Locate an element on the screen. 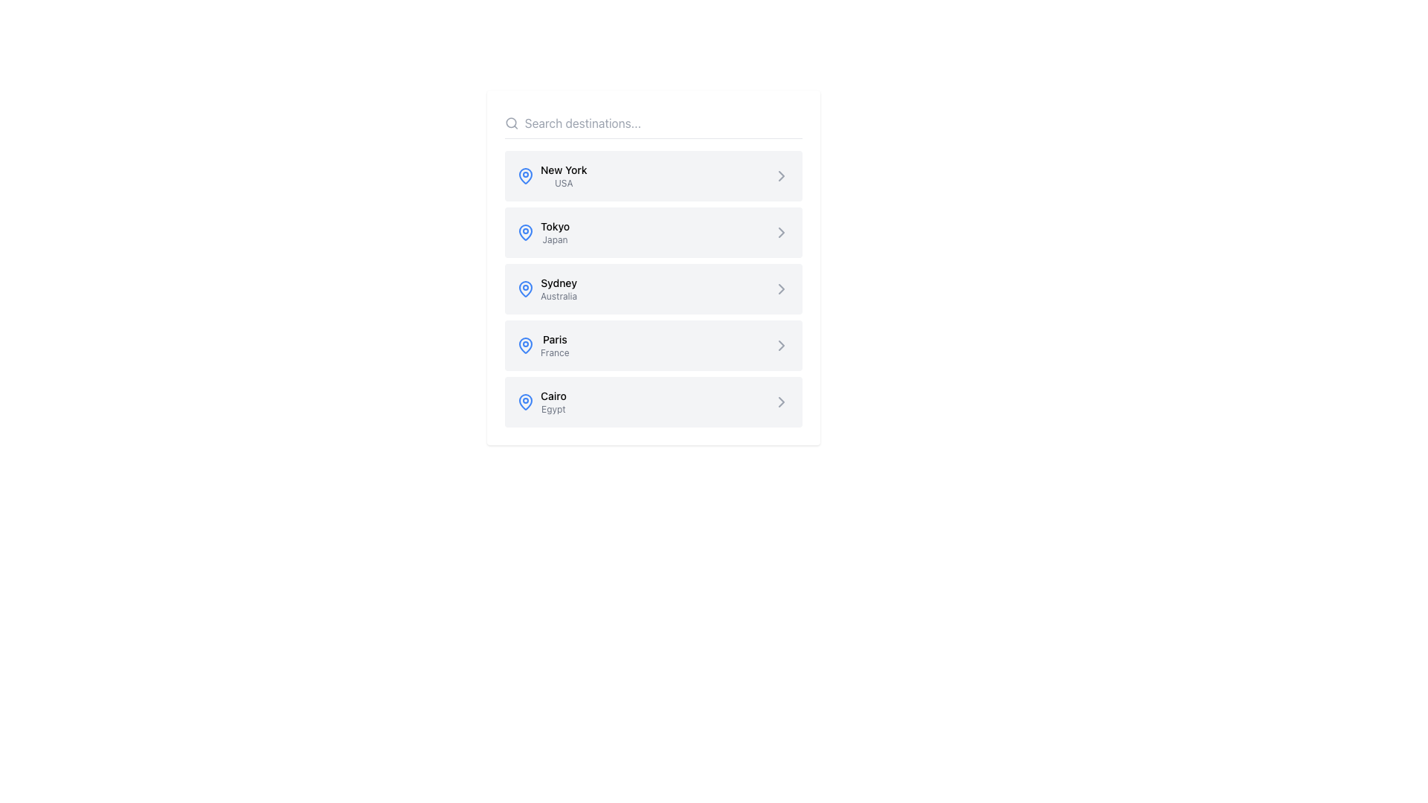 This screenshot has height=803, width=1428. the right-pointing chevron icon located next to the 'Sydney, Australia' list item, which is part of a column of similar navigation icons is located at coordinates (781, 289).